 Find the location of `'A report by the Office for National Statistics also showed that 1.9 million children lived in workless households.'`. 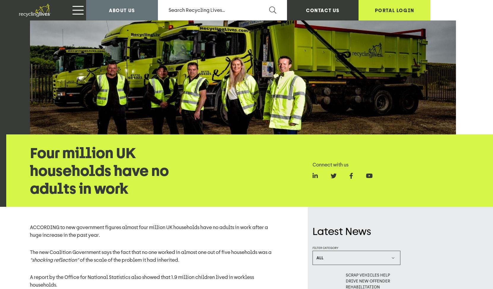

'A report by the Office for National Statistics also showed that 1.9 million children lived in workless households.' is located at coordinates (142, 16).